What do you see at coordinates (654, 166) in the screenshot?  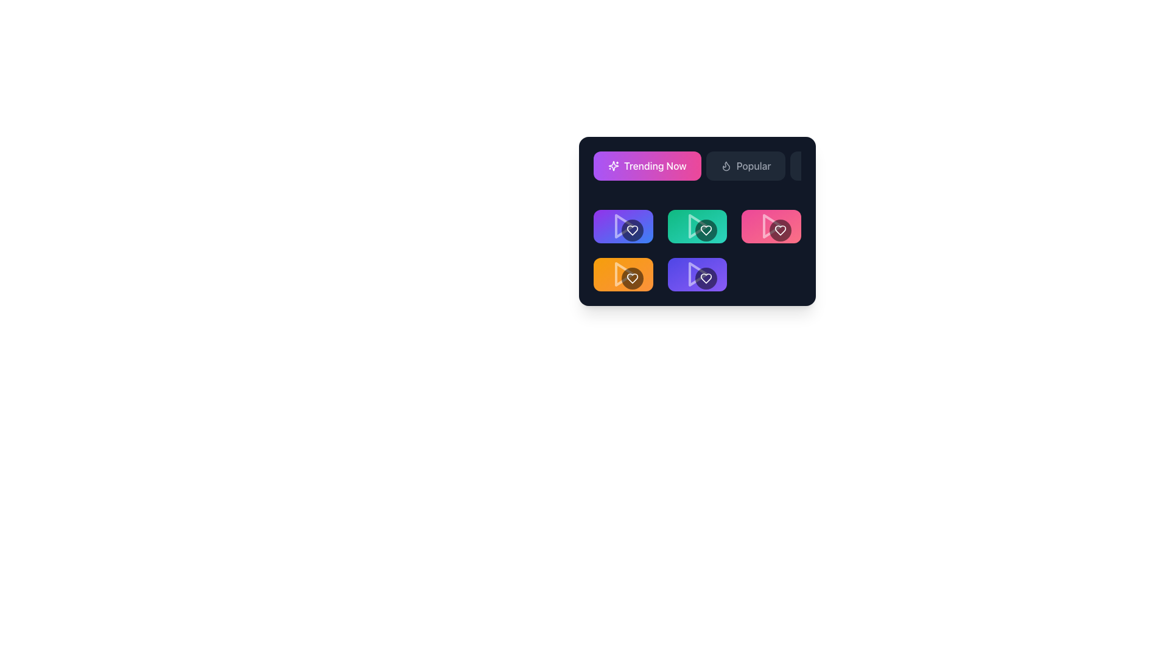 I see `the 'Trending Now' text label, which is styled with a medium-weight font in white on a purple-pink gradient background` at bounding box center [654, 166].